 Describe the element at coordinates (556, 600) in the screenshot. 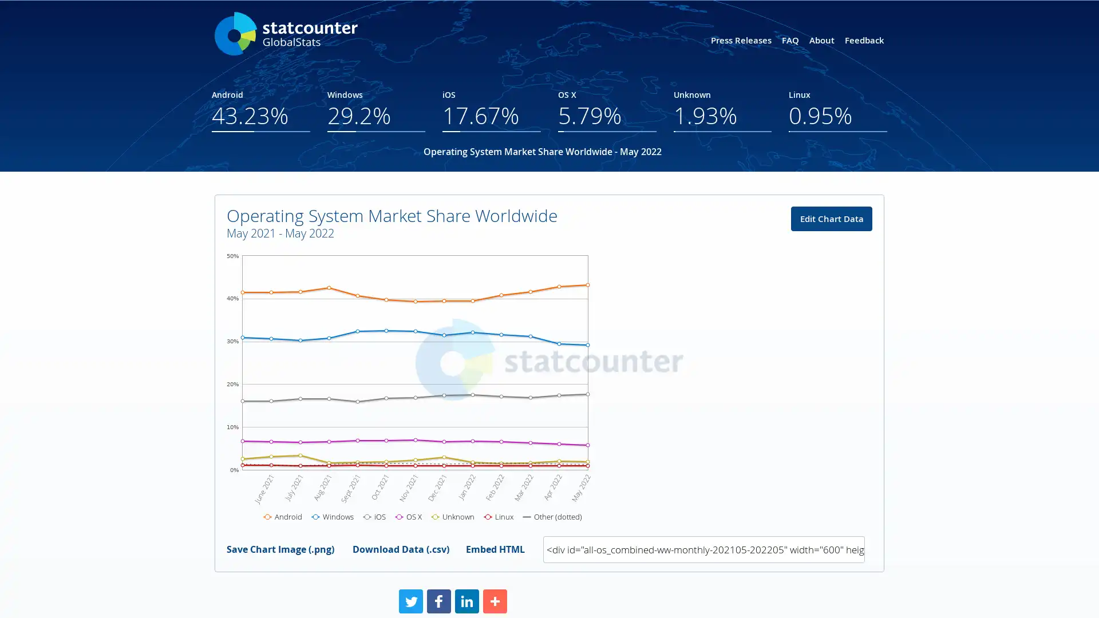

I see `Share to LinkedIn LinkedIn` at that location.